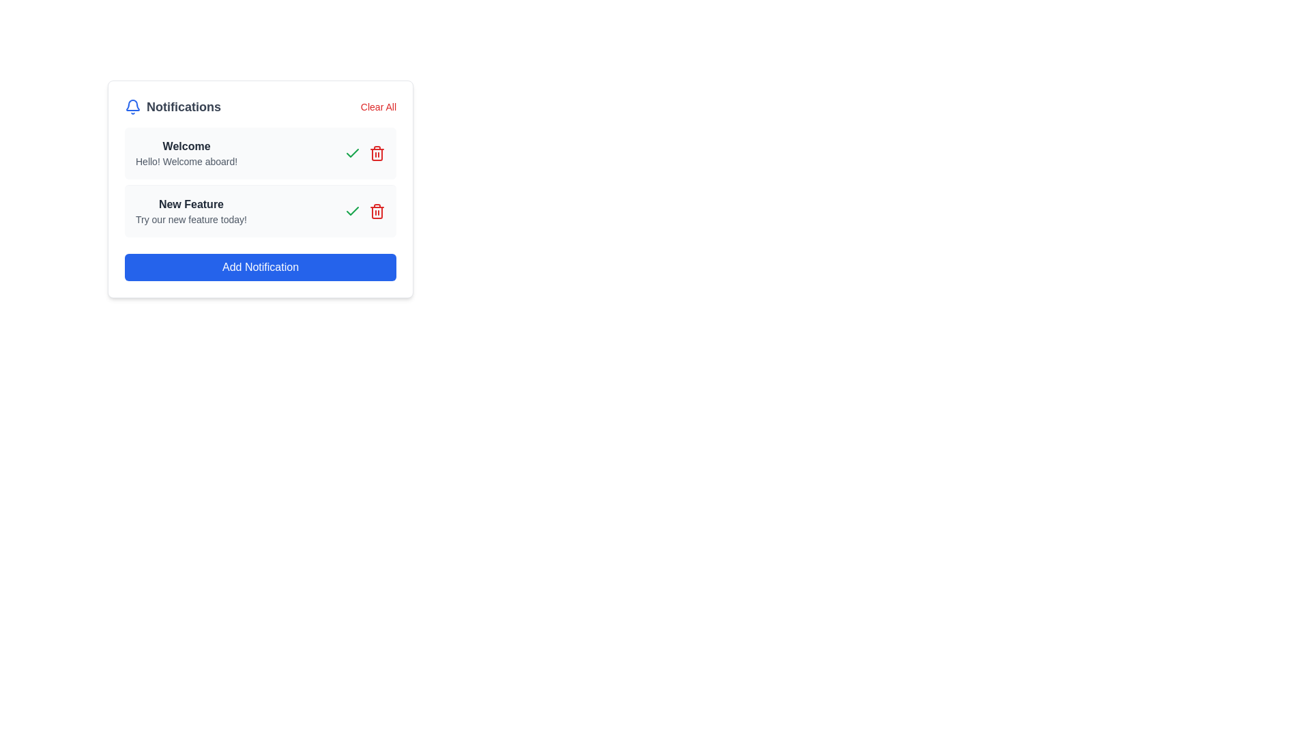 The width and height of the screenshot is (1310, 737). I want to click on the welcome message text element located in the upper part of the notification card, which greets the user upon engagement with the application, so click(186, 153).